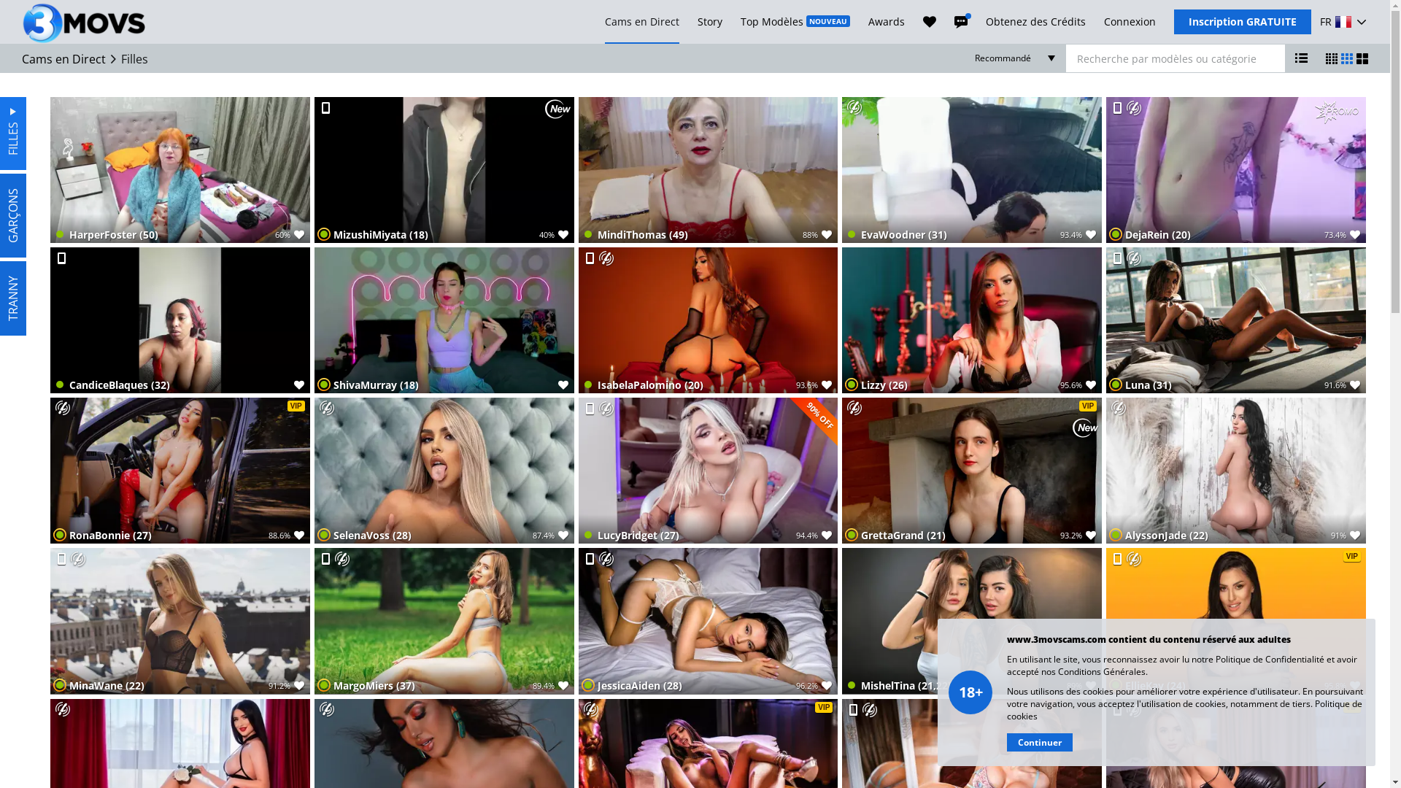 This screenshot has width=1401, height=788. What do you see at coordinates (444, 470) in the screenshot?
I see `'SelenaVoss (28)` at bounding box center [444, 470].